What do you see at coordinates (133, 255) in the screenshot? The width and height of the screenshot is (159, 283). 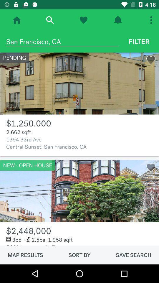 I see `save search item` at bounding box center [133, 255].